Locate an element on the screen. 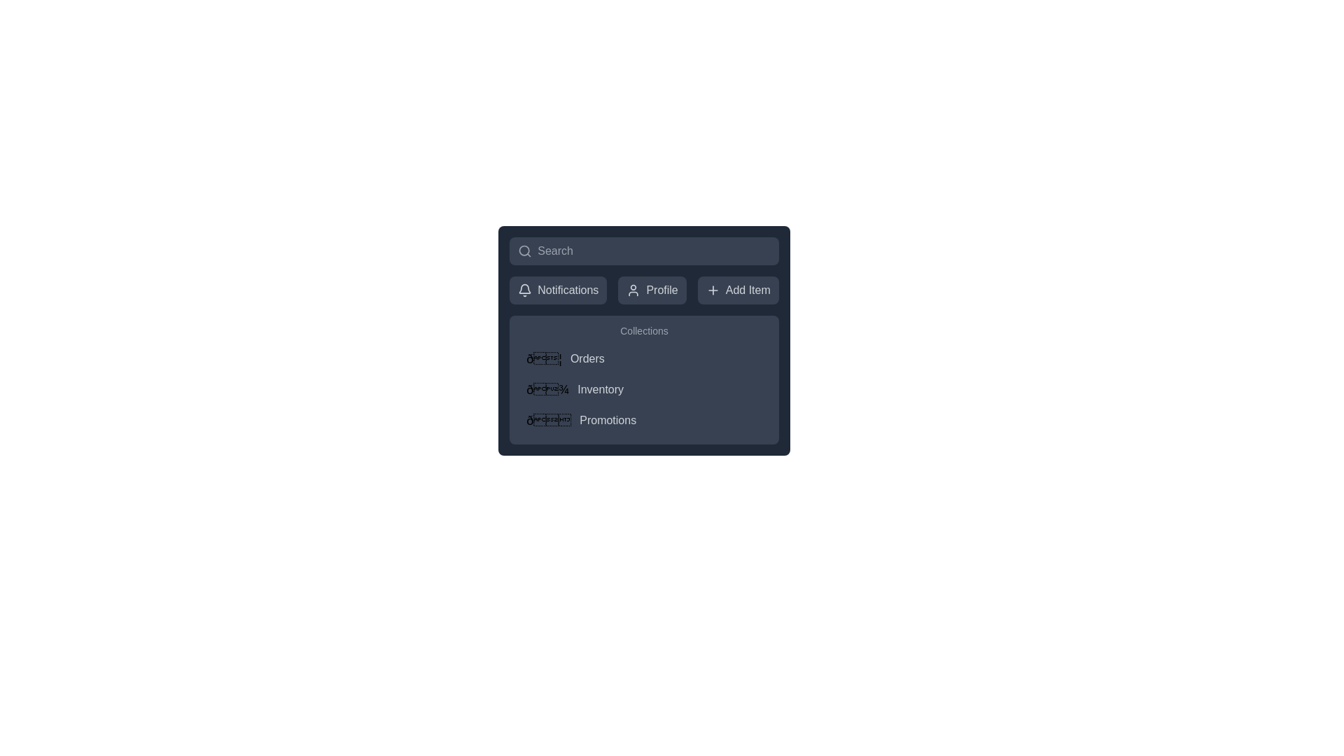 This screenshot has width=1344, height=756. the 'Profile' button, which is a rounded rectangle with a dark gray background, positioned between the 'Notifications' and 'Add Item' buttons is located at coordinates (651, 290).